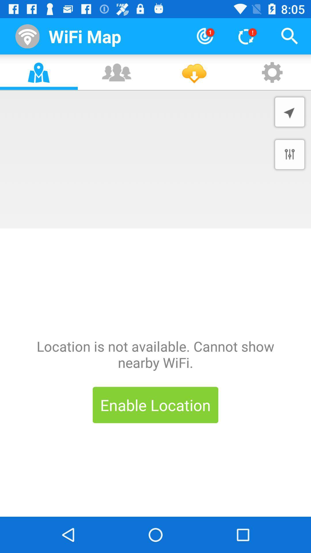 This screenshot has width=311, height=553. I want to click on icon below the location is not icon, so click(155, 405).